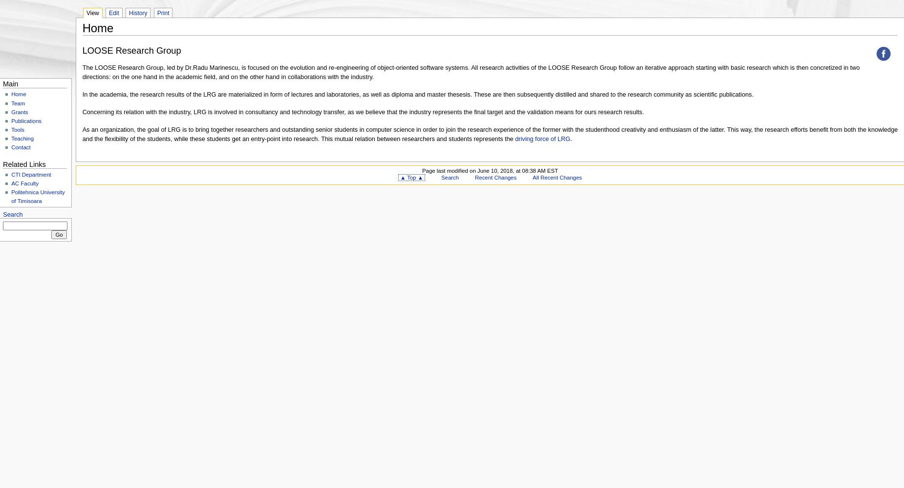  Describe the element at coordinates (556, 177) in the screenshot. I see `'All Recent Changes'` at that location.